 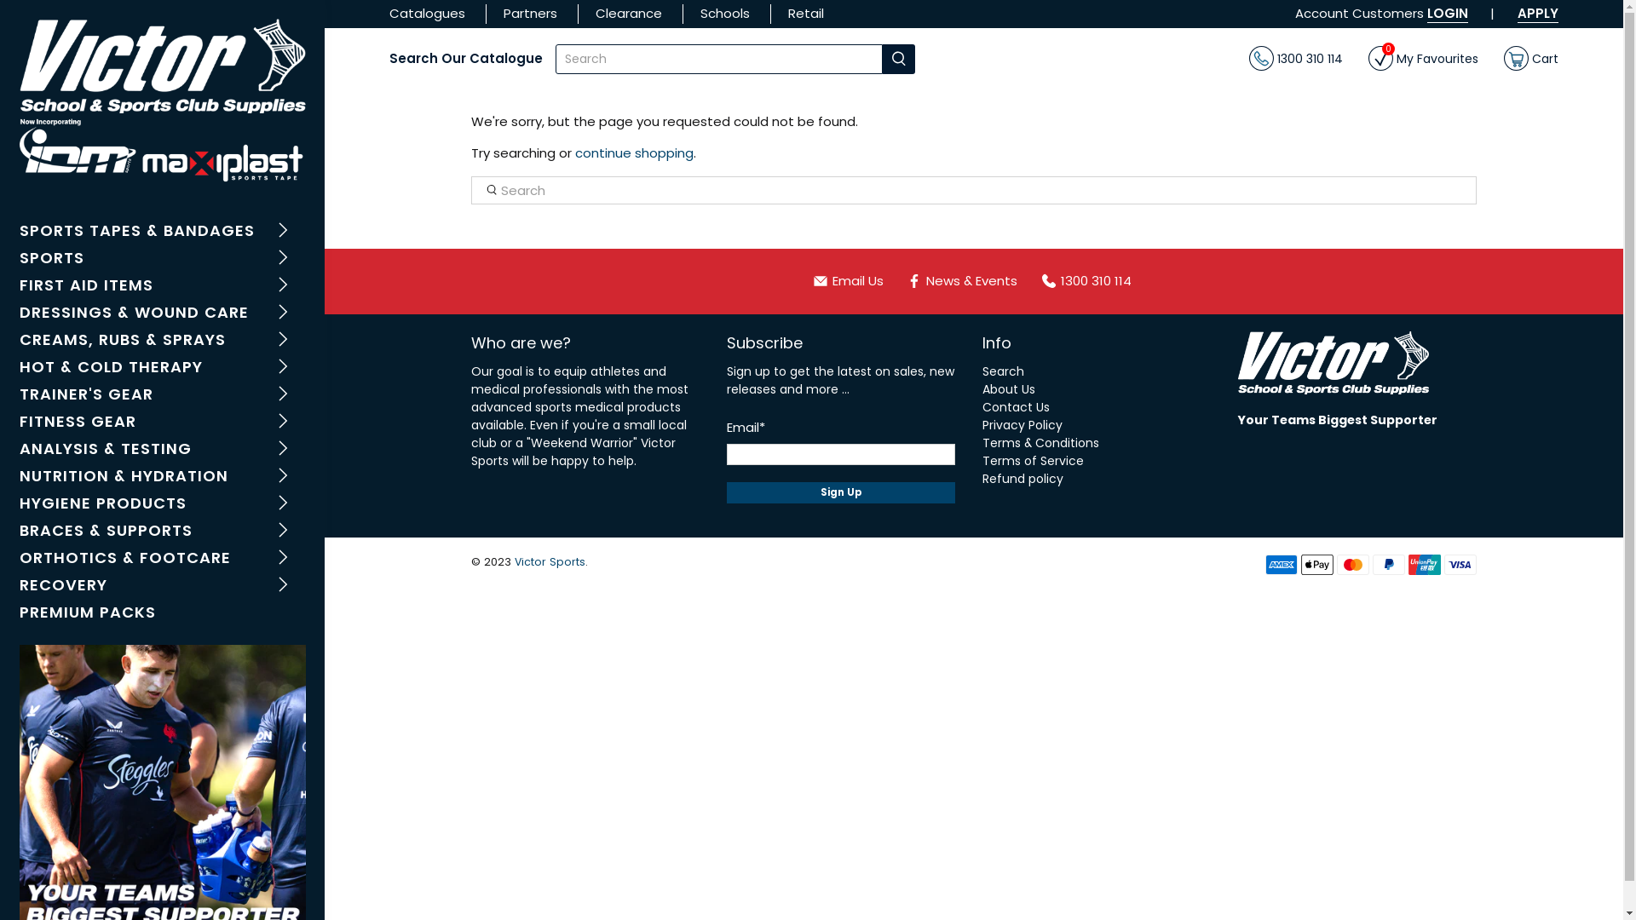 What do you see at coordinates (19, 559) in the screenshot?
I see `'ORTHOTICS & FOOTCARE'` at bounding box center [19, 559].